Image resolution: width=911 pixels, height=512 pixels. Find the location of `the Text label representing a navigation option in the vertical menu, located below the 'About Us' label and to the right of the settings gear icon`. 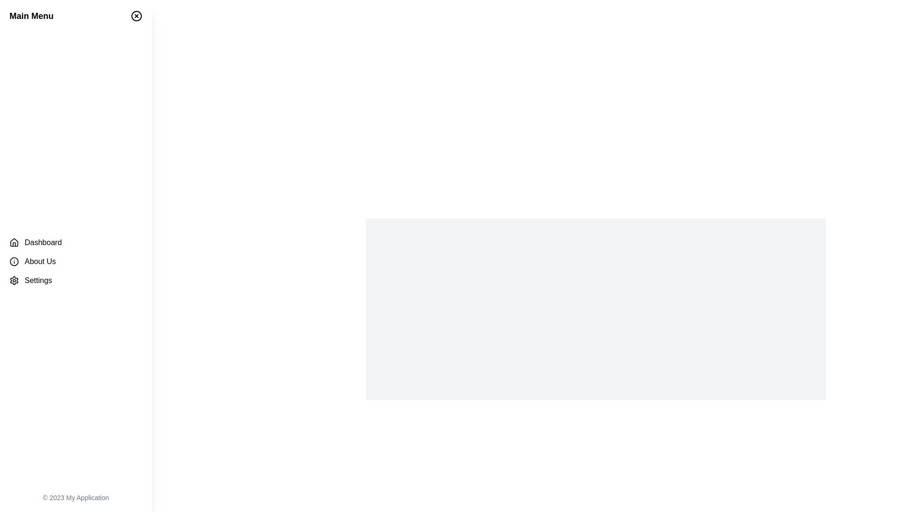

the Text label representing a navigation option in the vertical menu, located below the 'About Us' label and to the right of the settings gear icon is located at coordinates (38, 280).